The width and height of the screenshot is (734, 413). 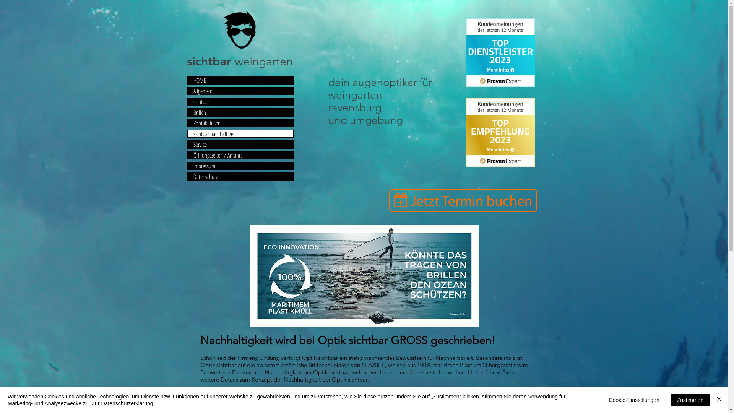 What do you see at coordinates (240, 133) in the screenshot?
I see `'sichtbar nachhaltiger'` at bounding box center [240, 133].